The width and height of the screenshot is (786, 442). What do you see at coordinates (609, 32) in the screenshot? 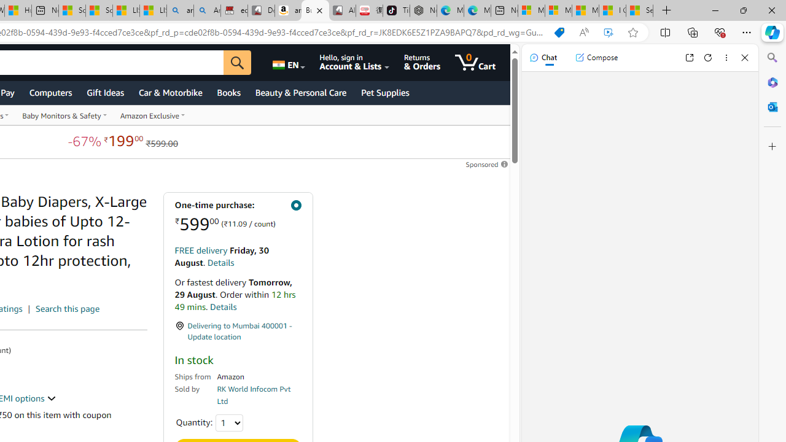
I see `'Enhance video'` at bounding box center [609, 32].